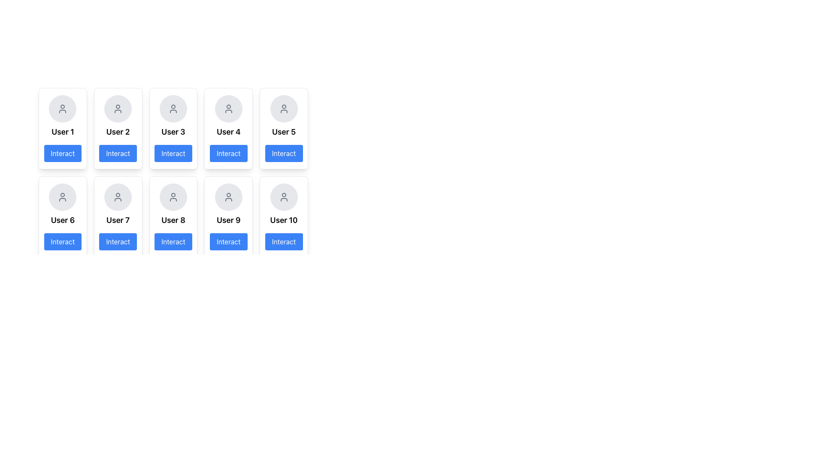 The image size is (824, 463). Describe the element at coordinates (228, 241) in the screenshot. I see `the 'Interact' button with a blue background and white text located at the bottom of the card labeled 'User 9' to change its color` at that location.